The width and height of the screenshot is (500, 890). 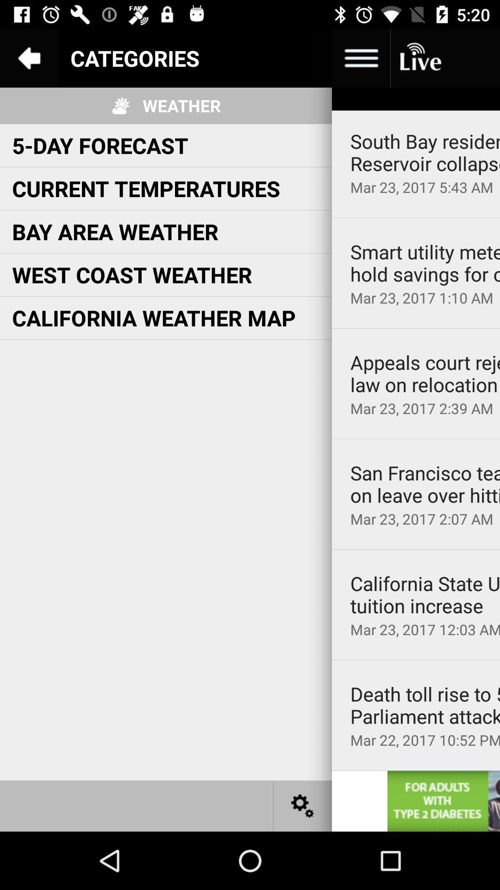 I want to click on the arrow_backward icon, so click(x=28, y=57).